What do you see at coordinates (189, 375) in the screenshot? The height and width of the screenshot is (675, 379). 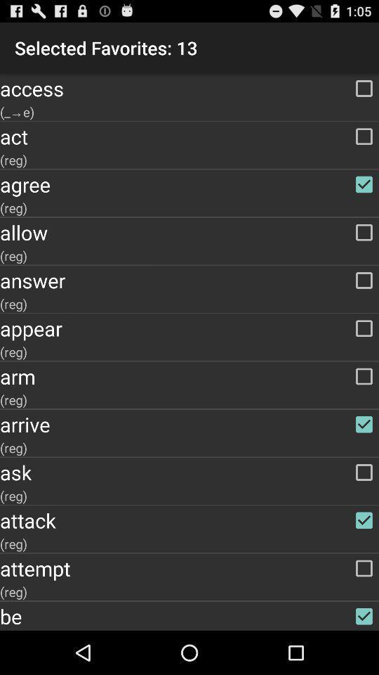 I see `the icon above the (reg)  item` at bounding box center [189, 375].